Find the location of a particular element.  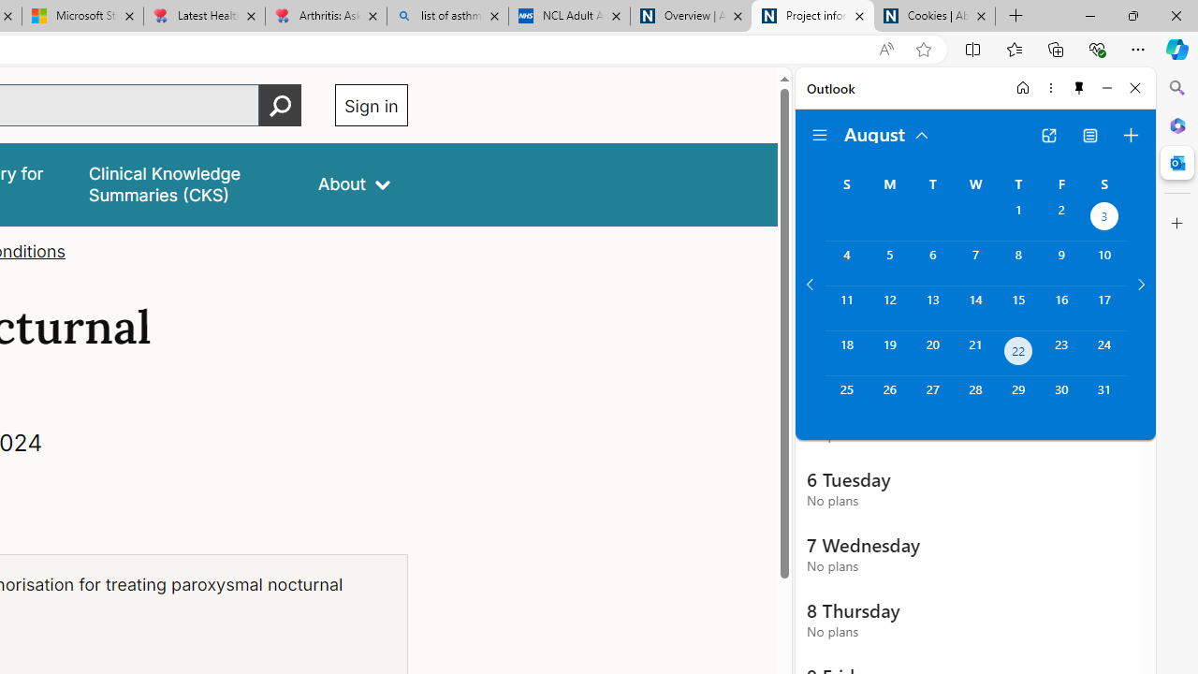

'Wednesday, August 28, 2024. ' is located at coordinates (974, 397).